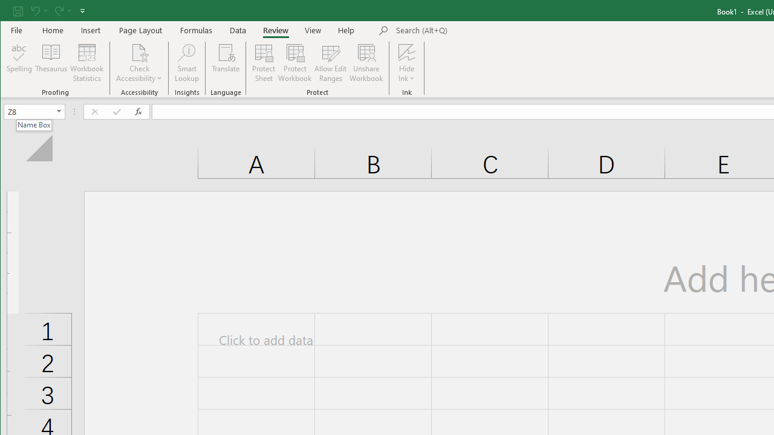 The width and height of the screenshot is (774, 435). Describe the element at coordinates (51, 63) in the screenshot. I see `'Thesaurus...'` at that location.